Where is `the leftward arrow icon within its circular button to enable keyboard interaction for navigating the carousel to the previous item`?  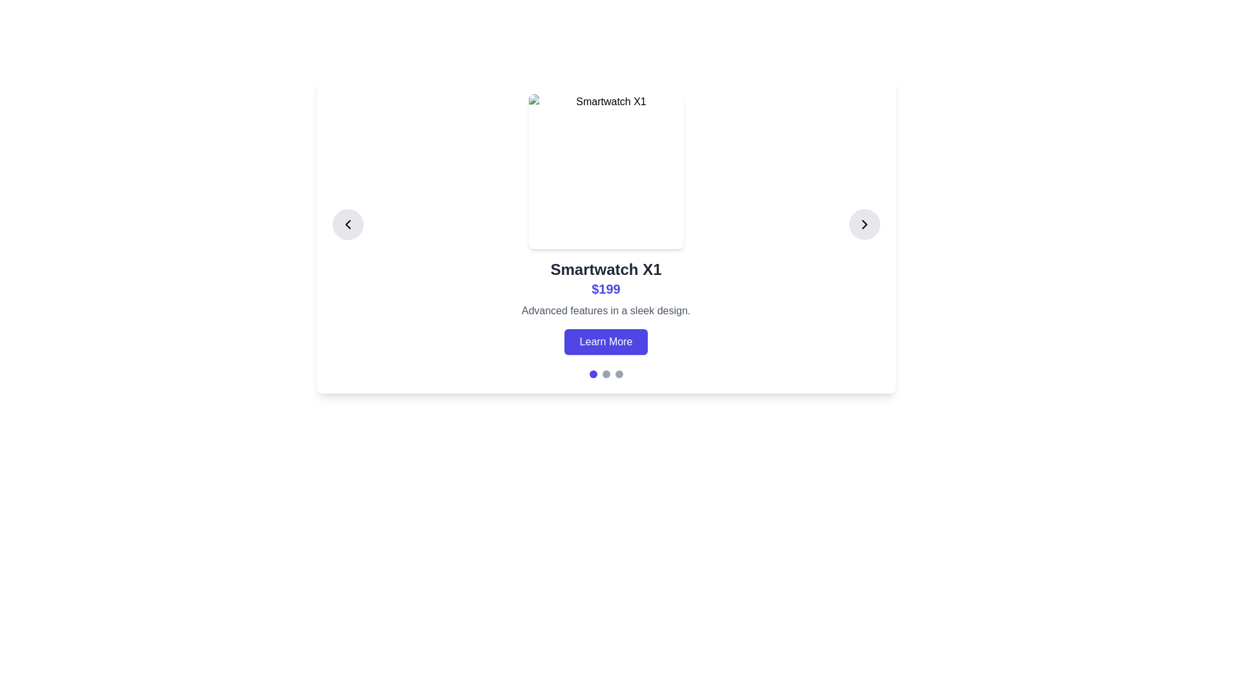 the leftward arrow icon within its circular button to enable keyboard interaction for navigating the carousel to the previous item is located at coordinates (347, 223).